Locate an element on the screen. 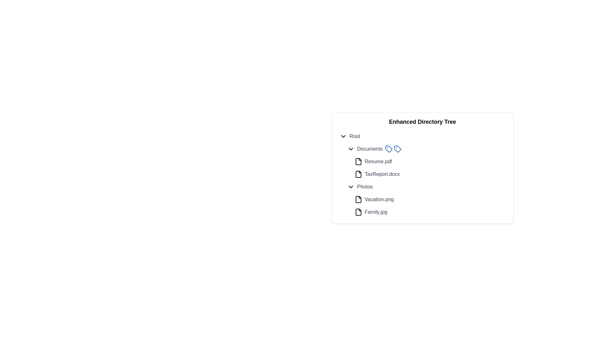  the downward-pointing chevron icon located immediately to the left of the 'Photos' text to trigger highlighting effects is located at coordinates (350, 186).